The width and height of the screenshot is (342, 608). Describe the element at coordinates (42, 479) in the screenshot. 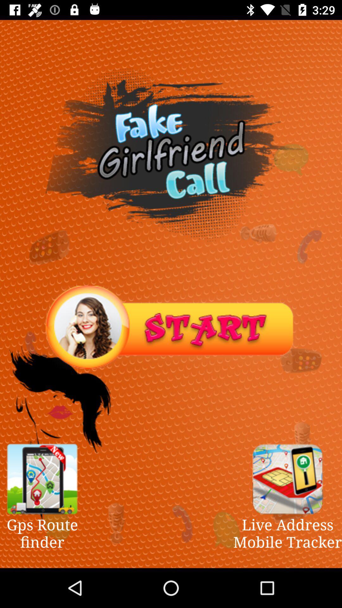

I see `gps route finder` at that location.